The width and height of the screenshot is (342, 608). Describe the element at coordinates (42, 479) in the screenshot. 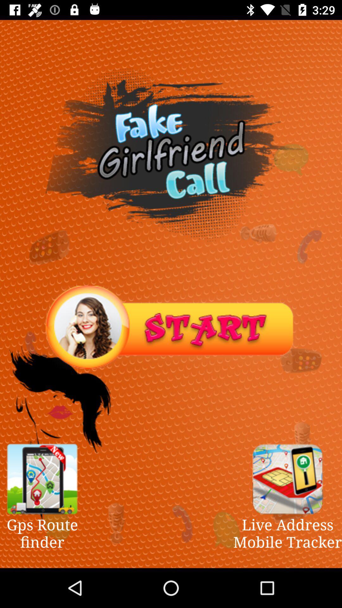

I see `gps route finder` at that location.